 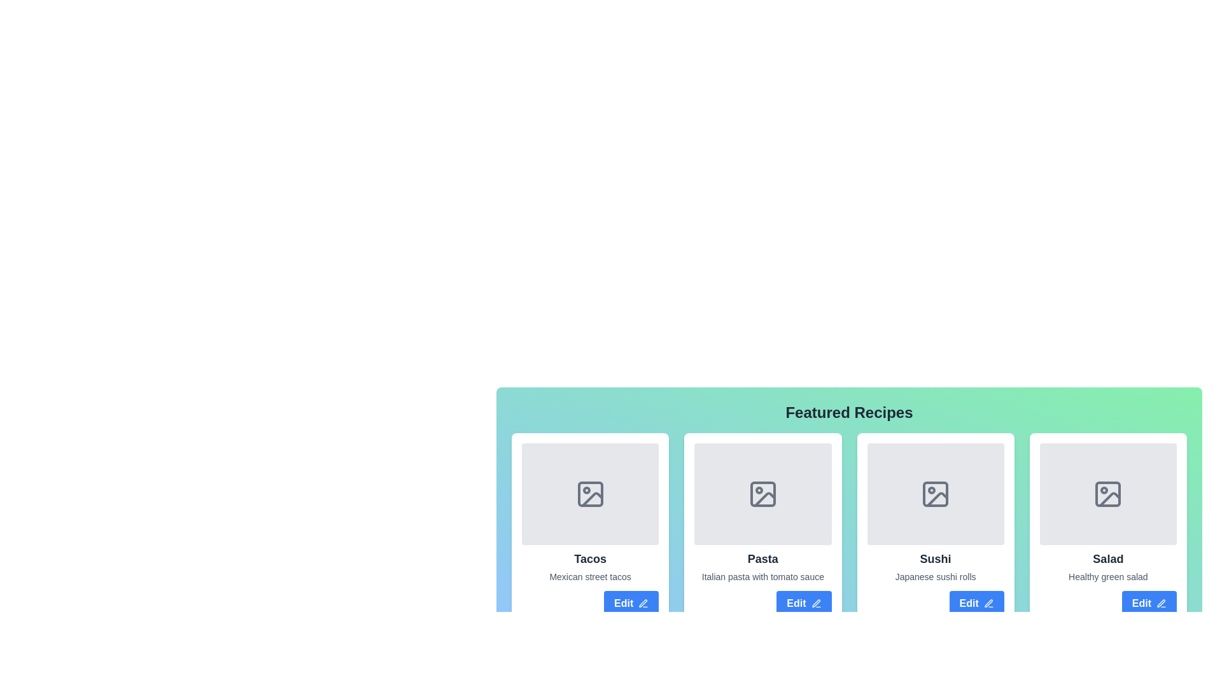 What do you see at coordinates (988, 602) in the screenshot?
I see `the pen icon within the 'Edit' button, which visually indicates the editing functionality` at bounding box center [988, 602].